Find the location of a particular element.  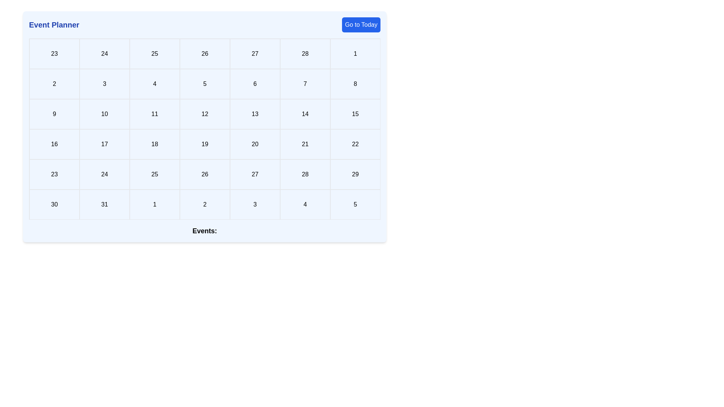

the Calendar Day Cell containing the number '19' with a light blue background is located at coordinates (205, 144).